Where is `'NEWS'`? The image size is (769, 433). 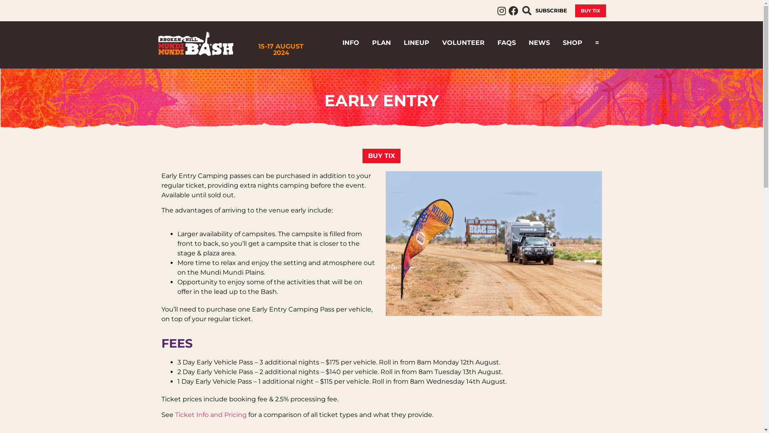 'NEWS' is located at coordinates (539, 43).